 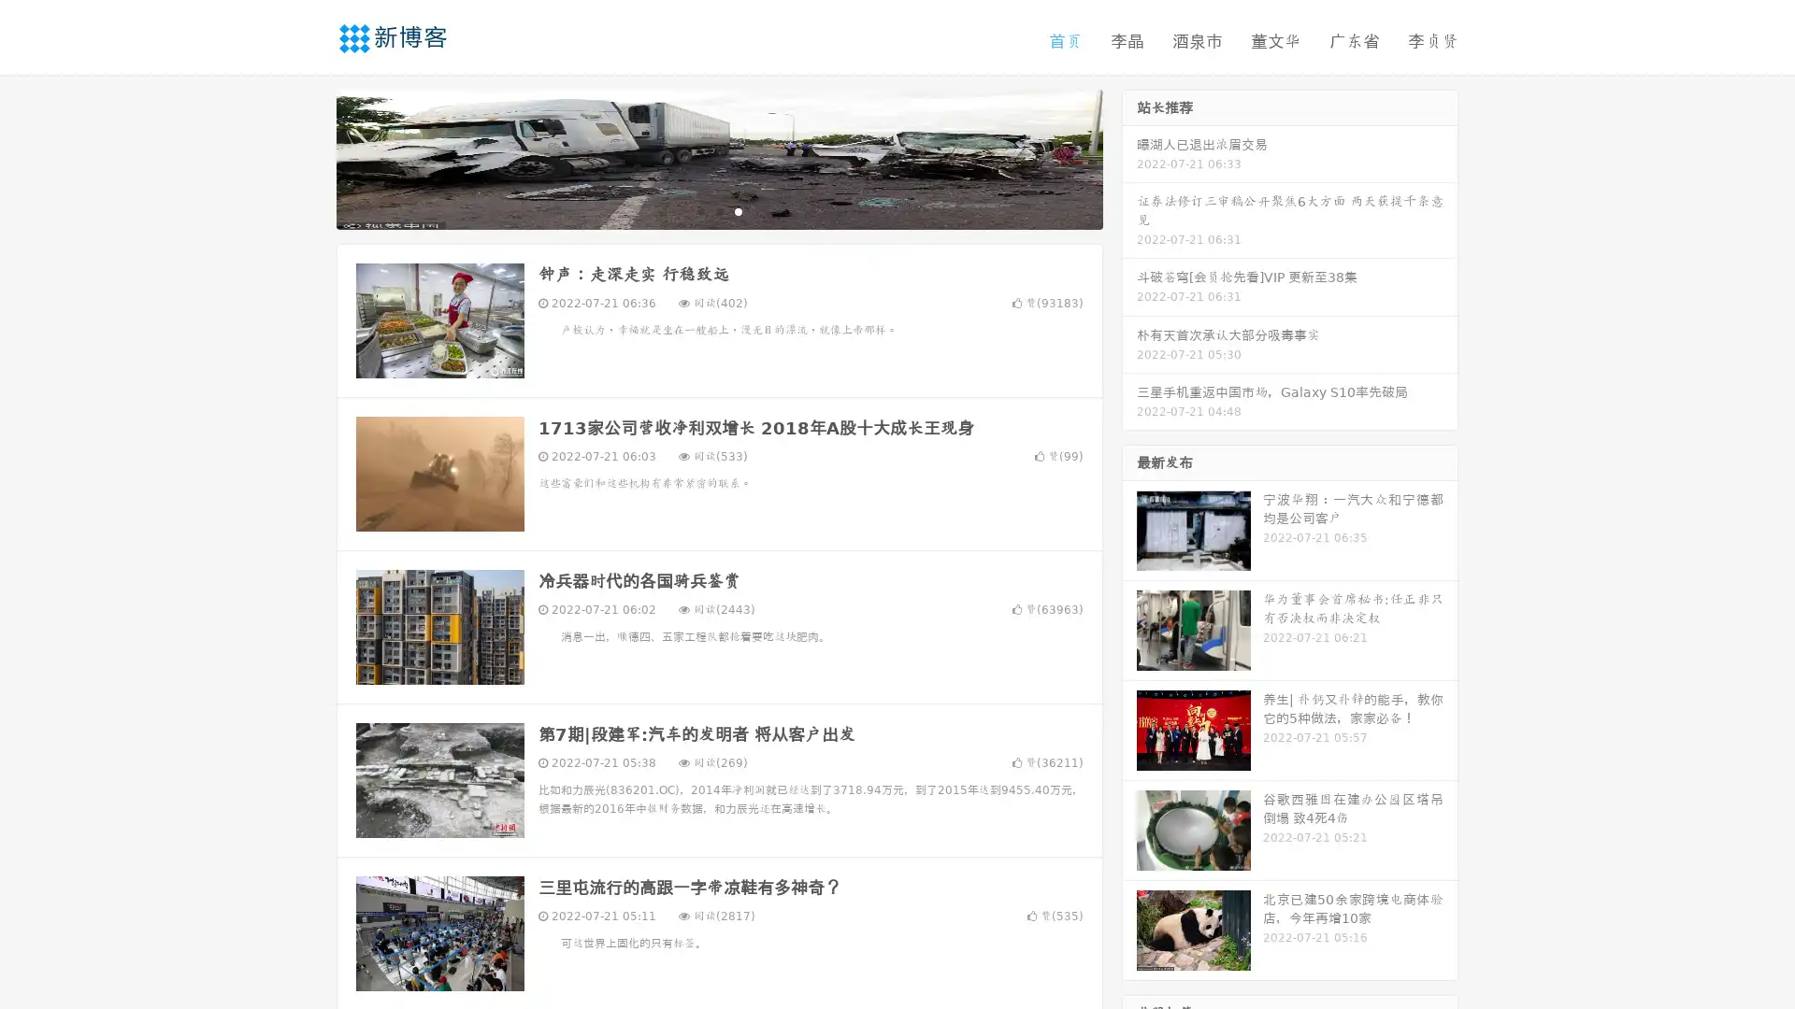 I want to click on Next slide, so click(x=1129, y=157).